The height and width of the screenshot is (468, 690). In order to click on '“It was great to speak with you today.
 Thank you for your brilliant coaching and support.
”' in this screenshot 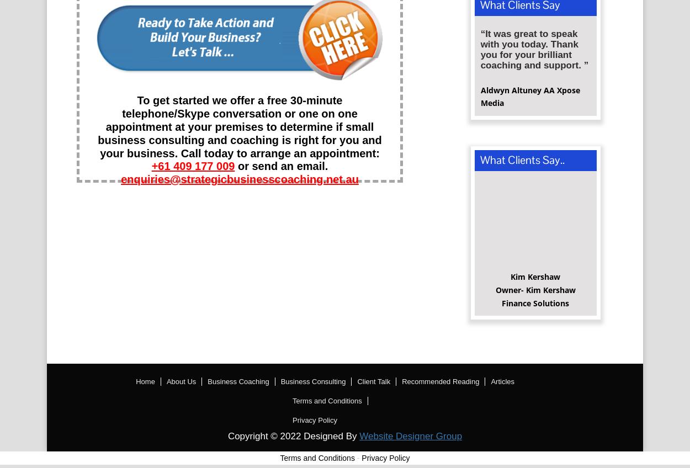, I will do `click(534, 52)`.